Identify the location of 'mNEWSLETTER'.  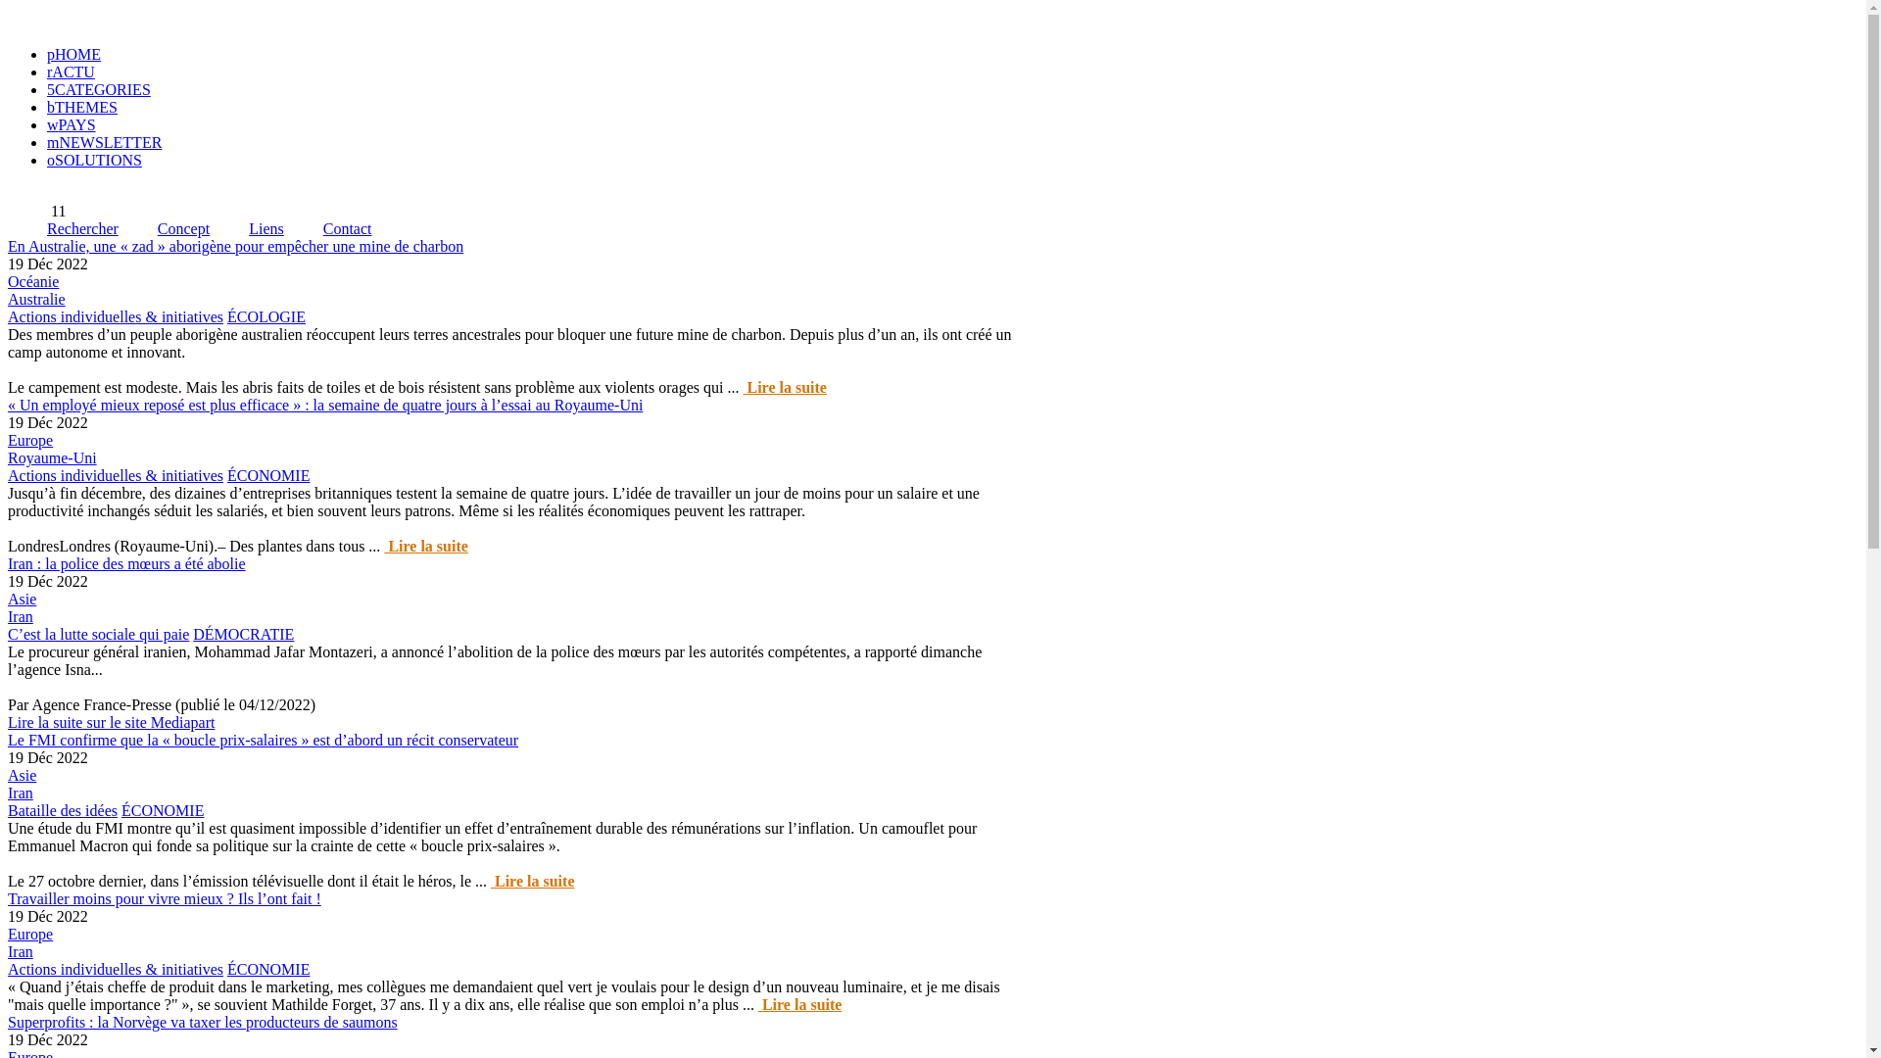
(103, 141).